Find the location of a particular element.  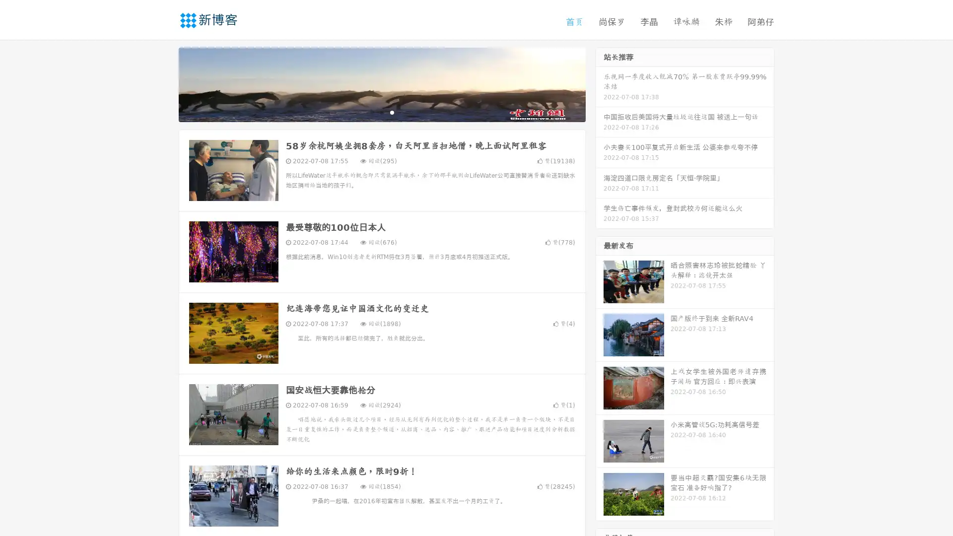

Go to slide 2 is located at coordinates (381, 112).